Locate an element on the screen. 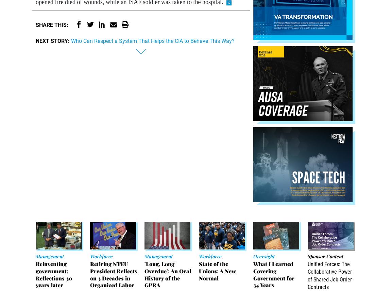 The image size is (391, 308). 'Who Can Respect a System That Helps the CIA to Behave This Way?' is located at coordinates (153, 40).